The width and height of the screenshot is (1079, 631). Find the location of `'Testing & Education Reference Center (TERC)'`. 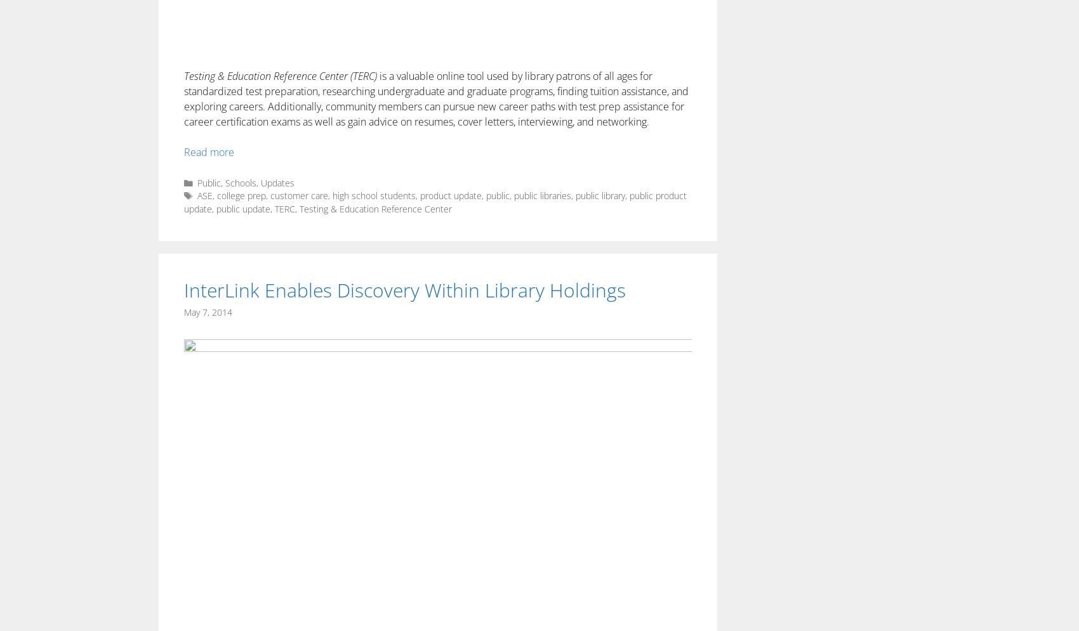

'Testing & Education Reference Center (TERC)' is located at coordinates (281, 75).